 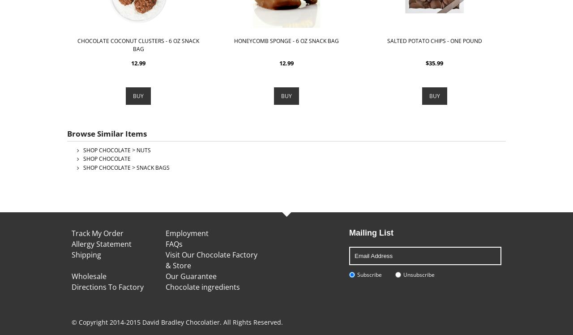 What do you see at coordinates (434, 40) in the screenshot?
I see `'Salted Potato Chips - One Pound'` at bounding box center [434, 40].